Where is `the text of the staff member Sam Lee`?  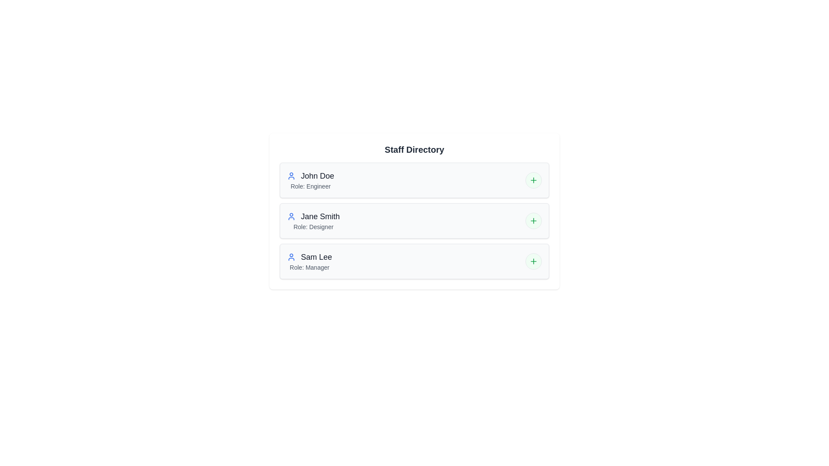
the text of the staff member Sam Lee is located at coordinates (287, 251).